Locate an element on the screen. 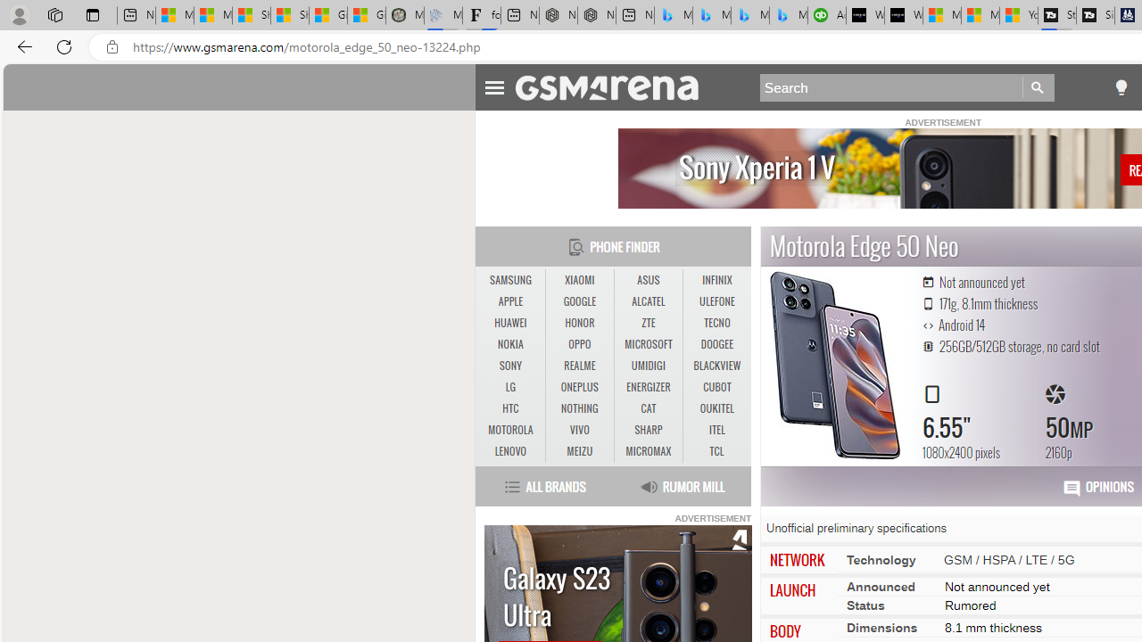  'Motorola Edge 50 Neo MORE PICTURES' is located at coordinates (833, 365).